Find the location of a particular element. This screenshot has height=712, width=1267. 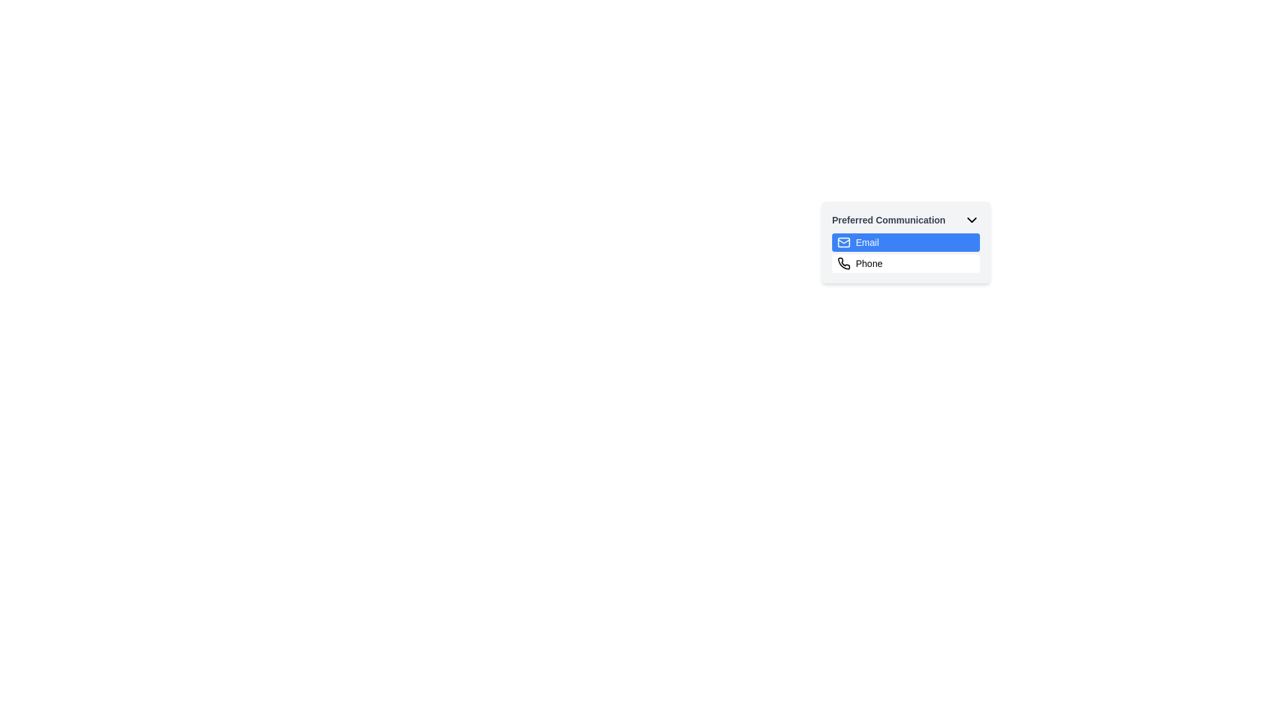

the Dropdown menu options labeled 'Email' and 'Phone' under the 'Preferred Communication' header is located at coordinates (905, 253).